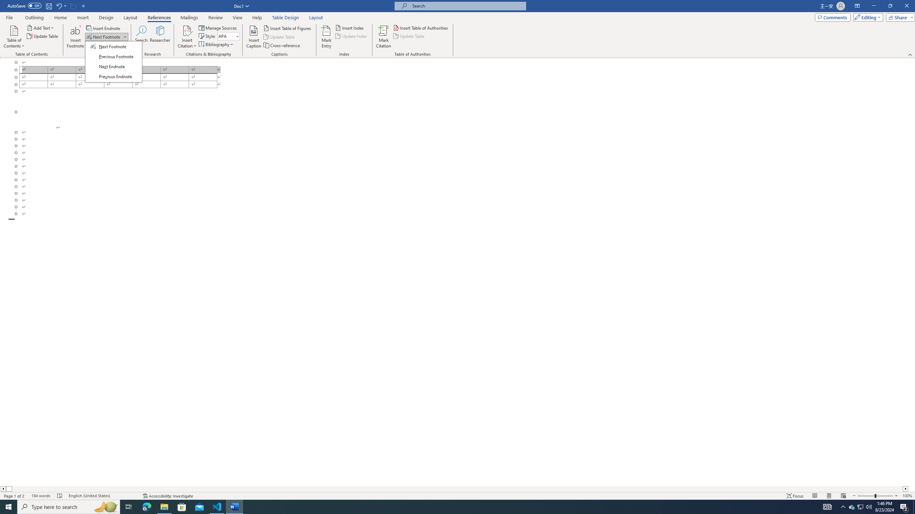 The width and height of the screenshot is (915, 514). I want to click on 'Column right', so click(905, 488).